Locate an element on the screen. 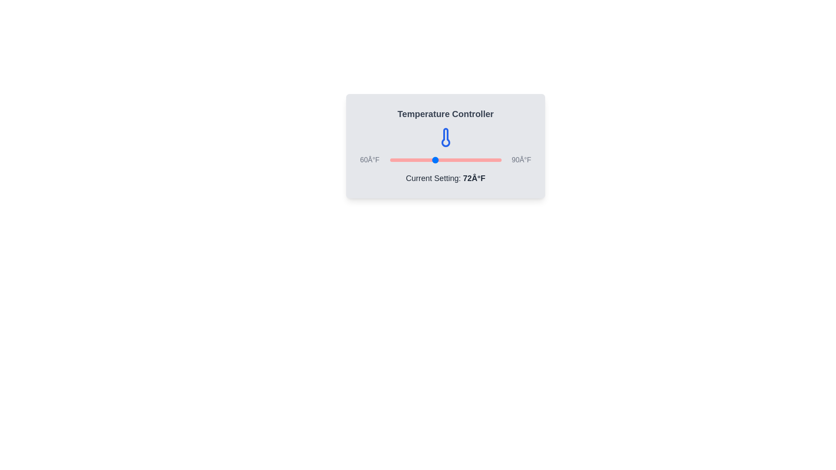  the temperature slider to set the temperature to 83°F is located at coordinates (475, 160).